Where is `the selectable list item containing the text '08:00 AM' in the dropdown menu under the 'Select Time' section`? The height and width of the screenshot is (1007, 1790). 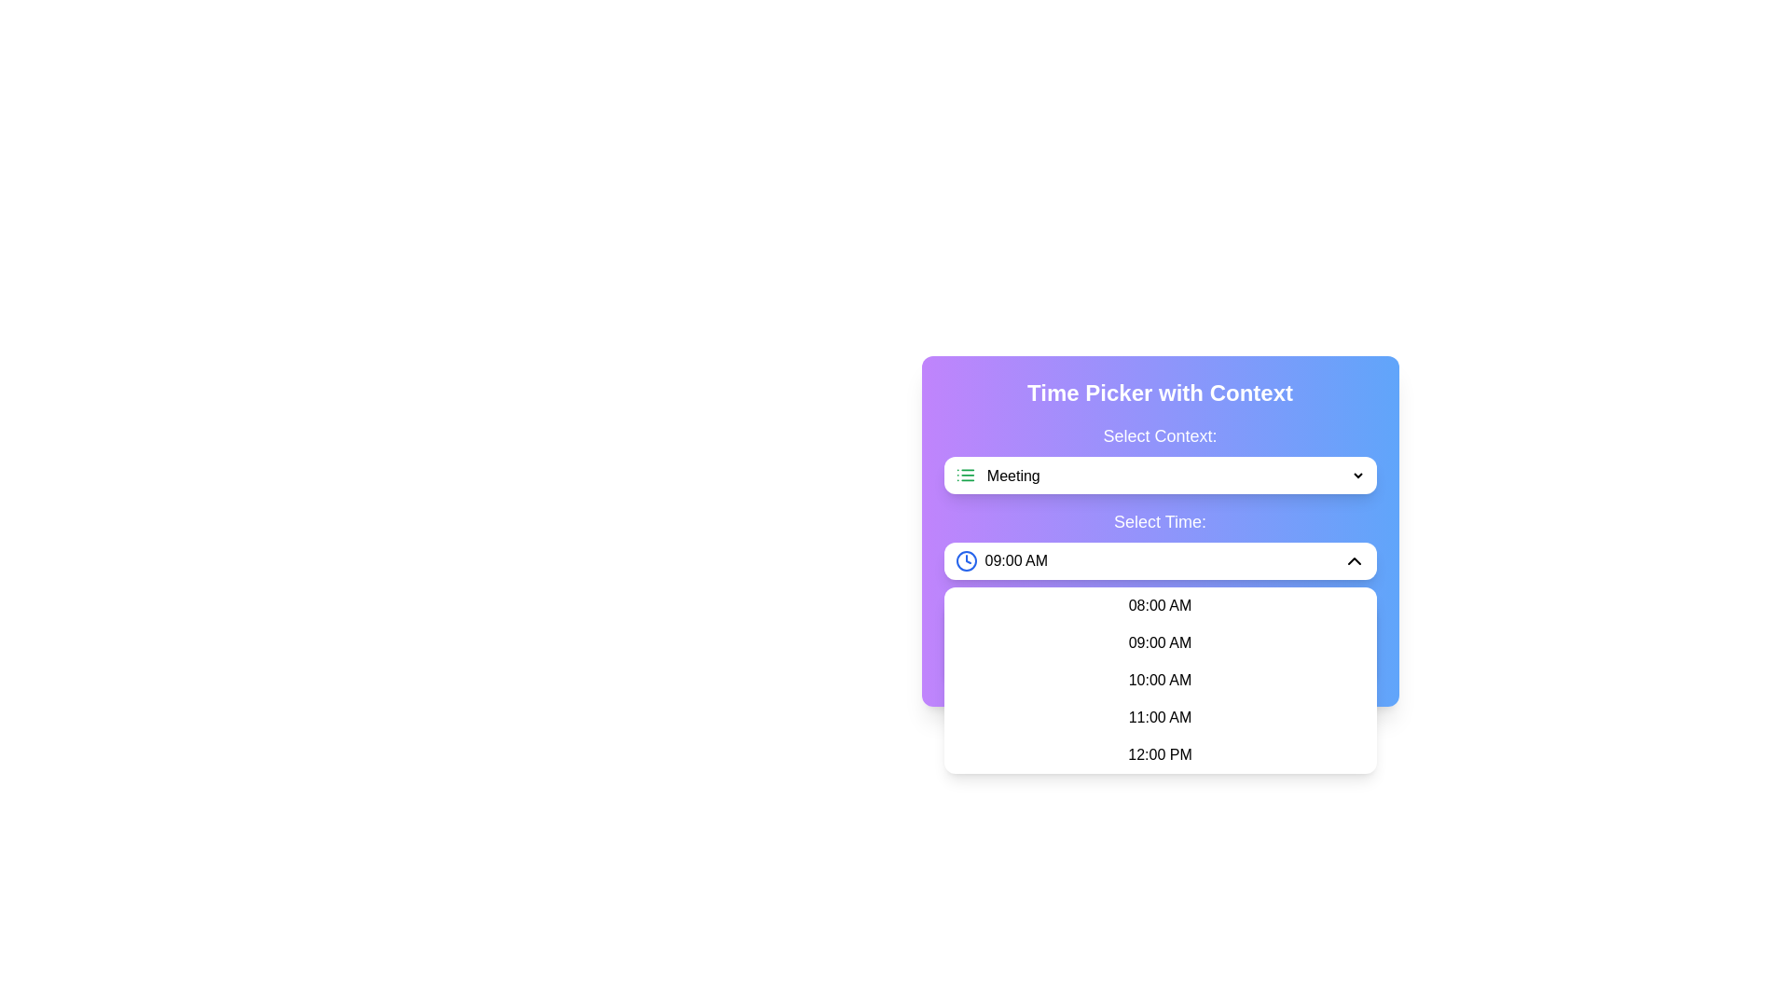 the selectable list item containing the text '08:00 AM' in the dropdown menu under the 'Select Time' section is located at coordinates (1159, 606).